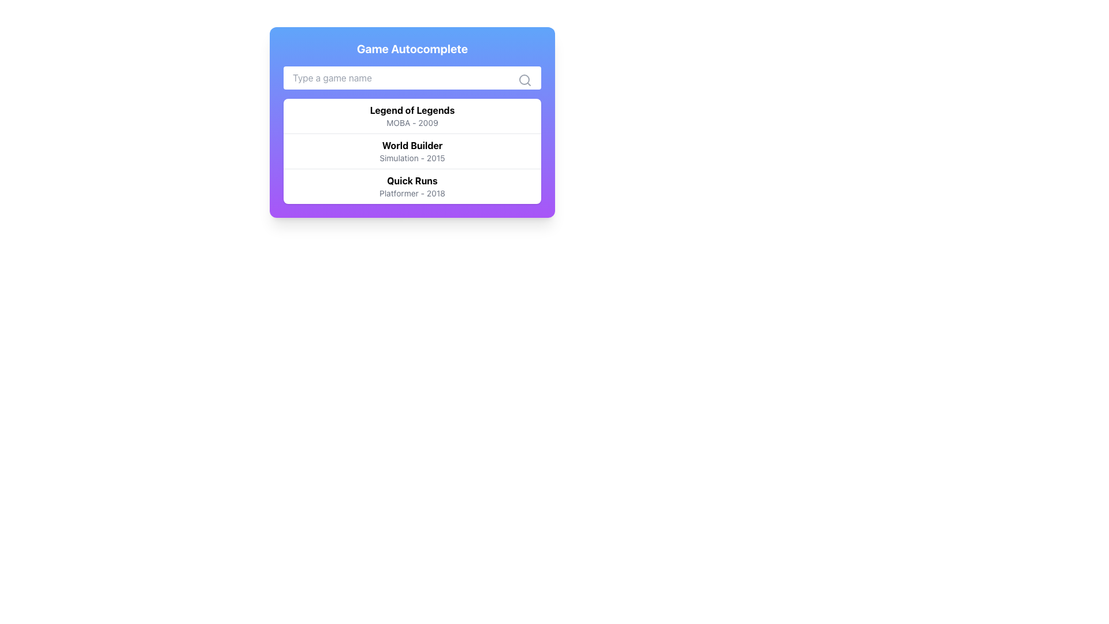 This screenshot has width=1109, height=624. Describe the element at coordinates (412, 158) in the screenshot. I see `the text label displaying 'Simulation - 2015', which is positioned directly beneath the bold title 'World Builder' in a vertical list layout` at that location.